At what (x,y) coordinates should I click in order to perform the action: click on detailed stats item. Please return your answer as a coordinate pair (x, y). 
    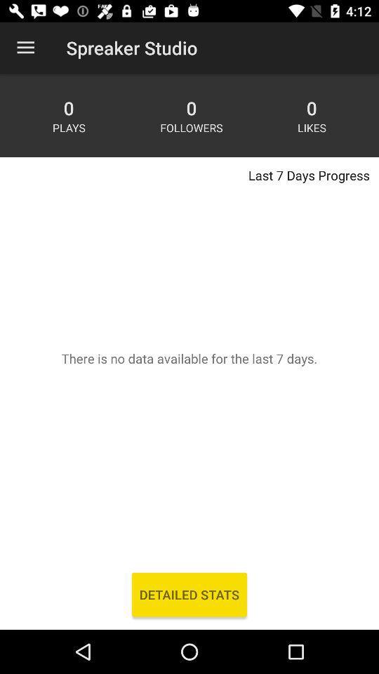
    Looking at the image, I should click on (189, 594).